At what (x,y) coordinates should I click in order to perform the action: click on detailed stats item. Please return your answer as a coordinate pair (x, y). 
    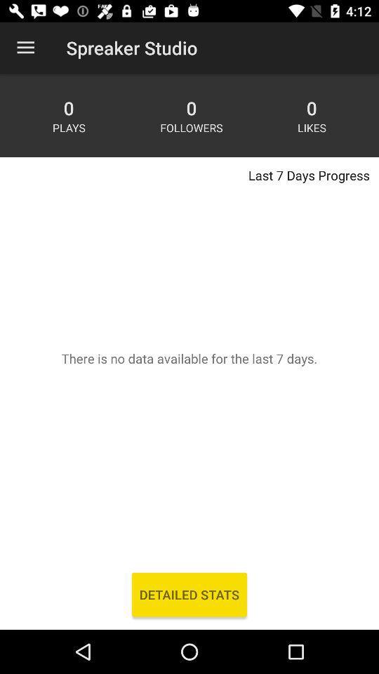
    Looking at the image, I should click on (189, 594).